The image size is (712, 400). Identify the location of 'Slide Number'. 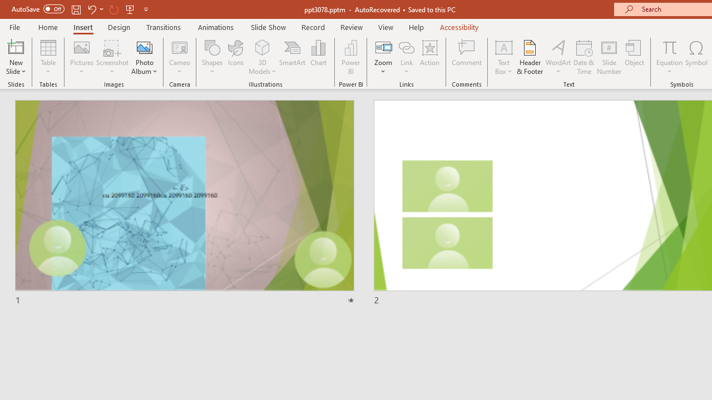
(609, 57).